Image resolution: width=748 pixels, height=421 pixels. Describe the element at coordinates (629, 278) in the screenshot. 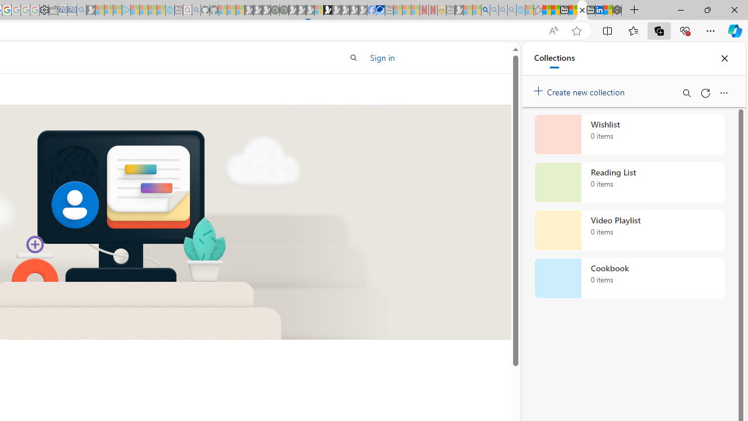

I see `'Cookbook collection, 0 items'` at that location.